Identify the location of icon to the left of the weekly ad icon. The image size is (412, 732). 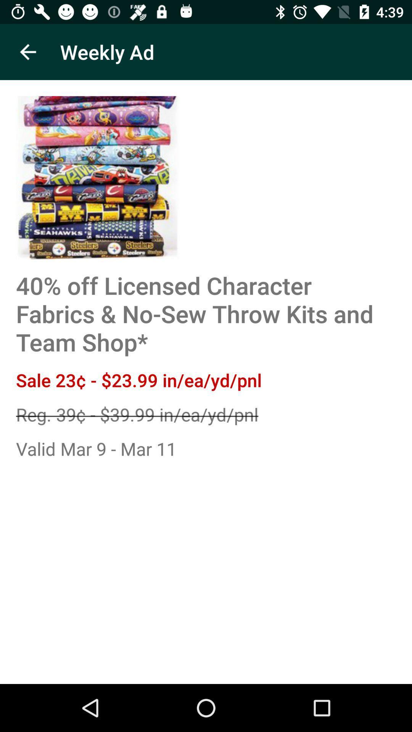
(27, 51).